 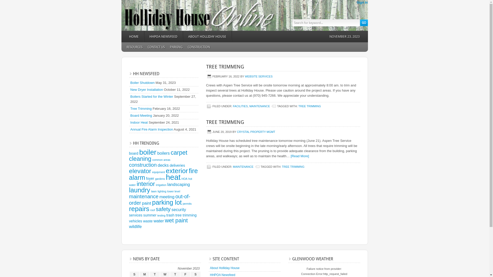 I want to click on 'roof', so click(x=150, y=210).